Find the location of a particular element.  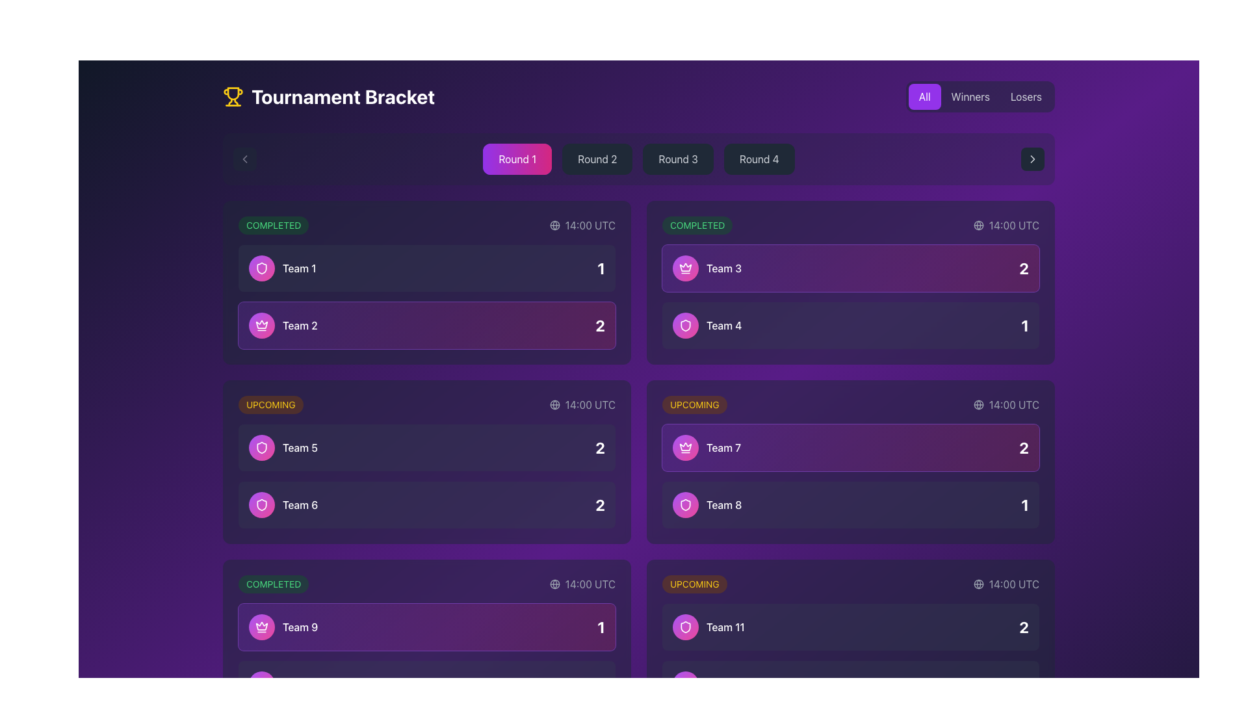

the trophy icon element that is yellow and styled with a vector illustration, located near the top left of the interface above the text 'Tournament Bracket' is located at coordinates (233, 92).